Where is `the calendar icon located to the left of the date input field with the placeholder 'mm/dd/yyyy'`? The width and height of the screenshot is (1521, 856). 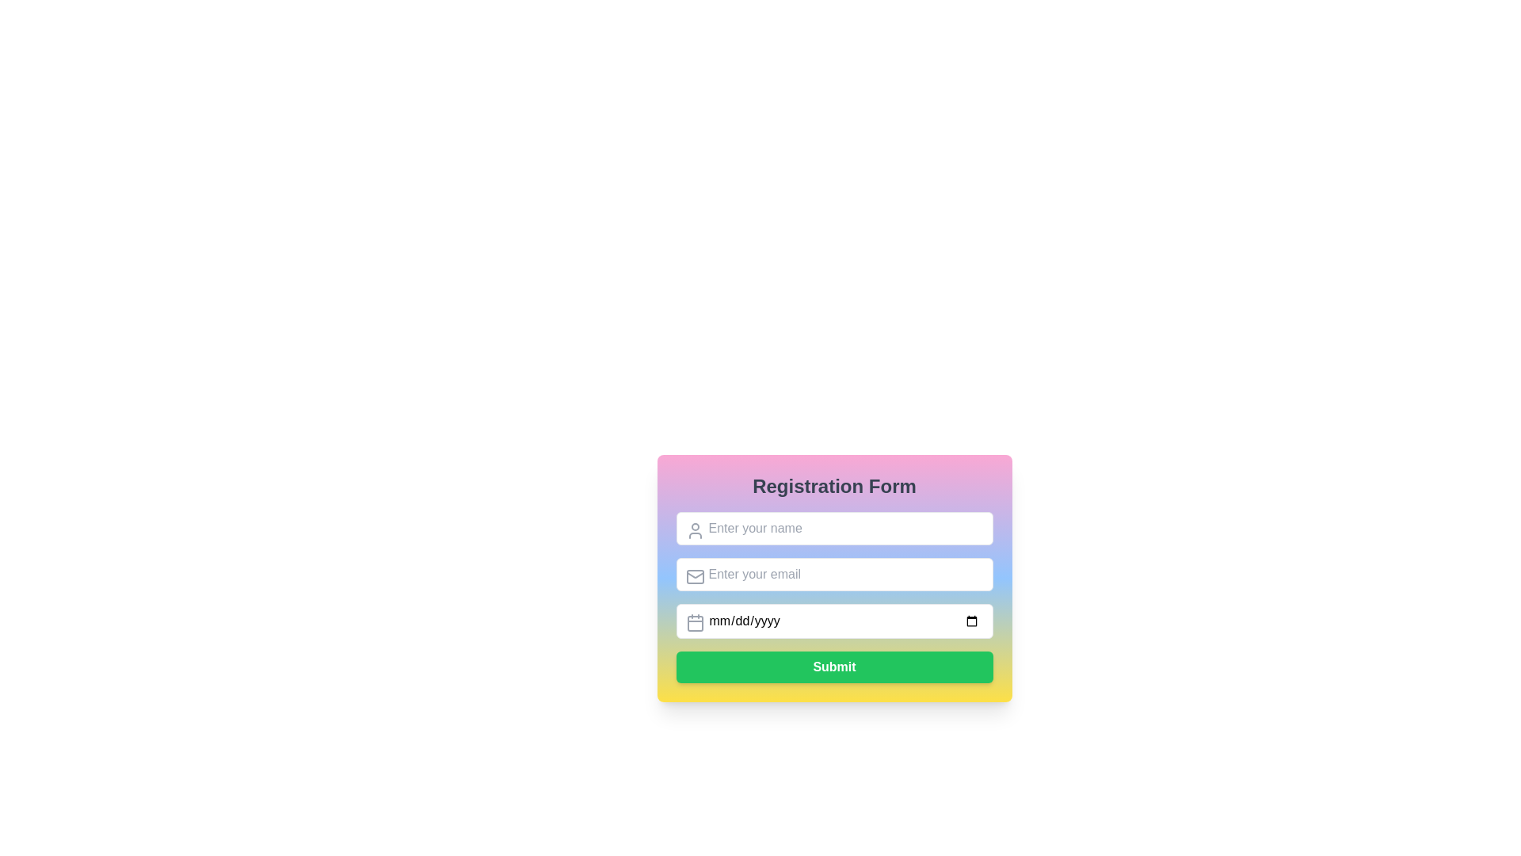 the calendar icon located to the left of the date input field with the placeholder 'mm/dd/yyyy' is located at coordinates (695, 622).